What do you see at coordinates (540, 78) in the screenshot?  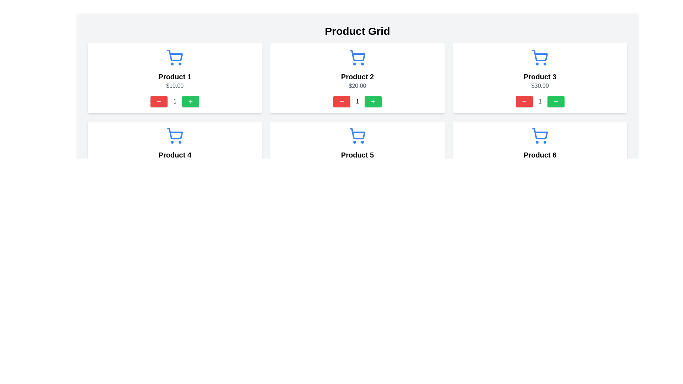 I see `the Product display card featuring 'Product 3', which includes a blue shopping cart icon at the top, the price '$30.00' in gray, and buttons for decrement and increment at the bottom` at bounding box center [540, 78].